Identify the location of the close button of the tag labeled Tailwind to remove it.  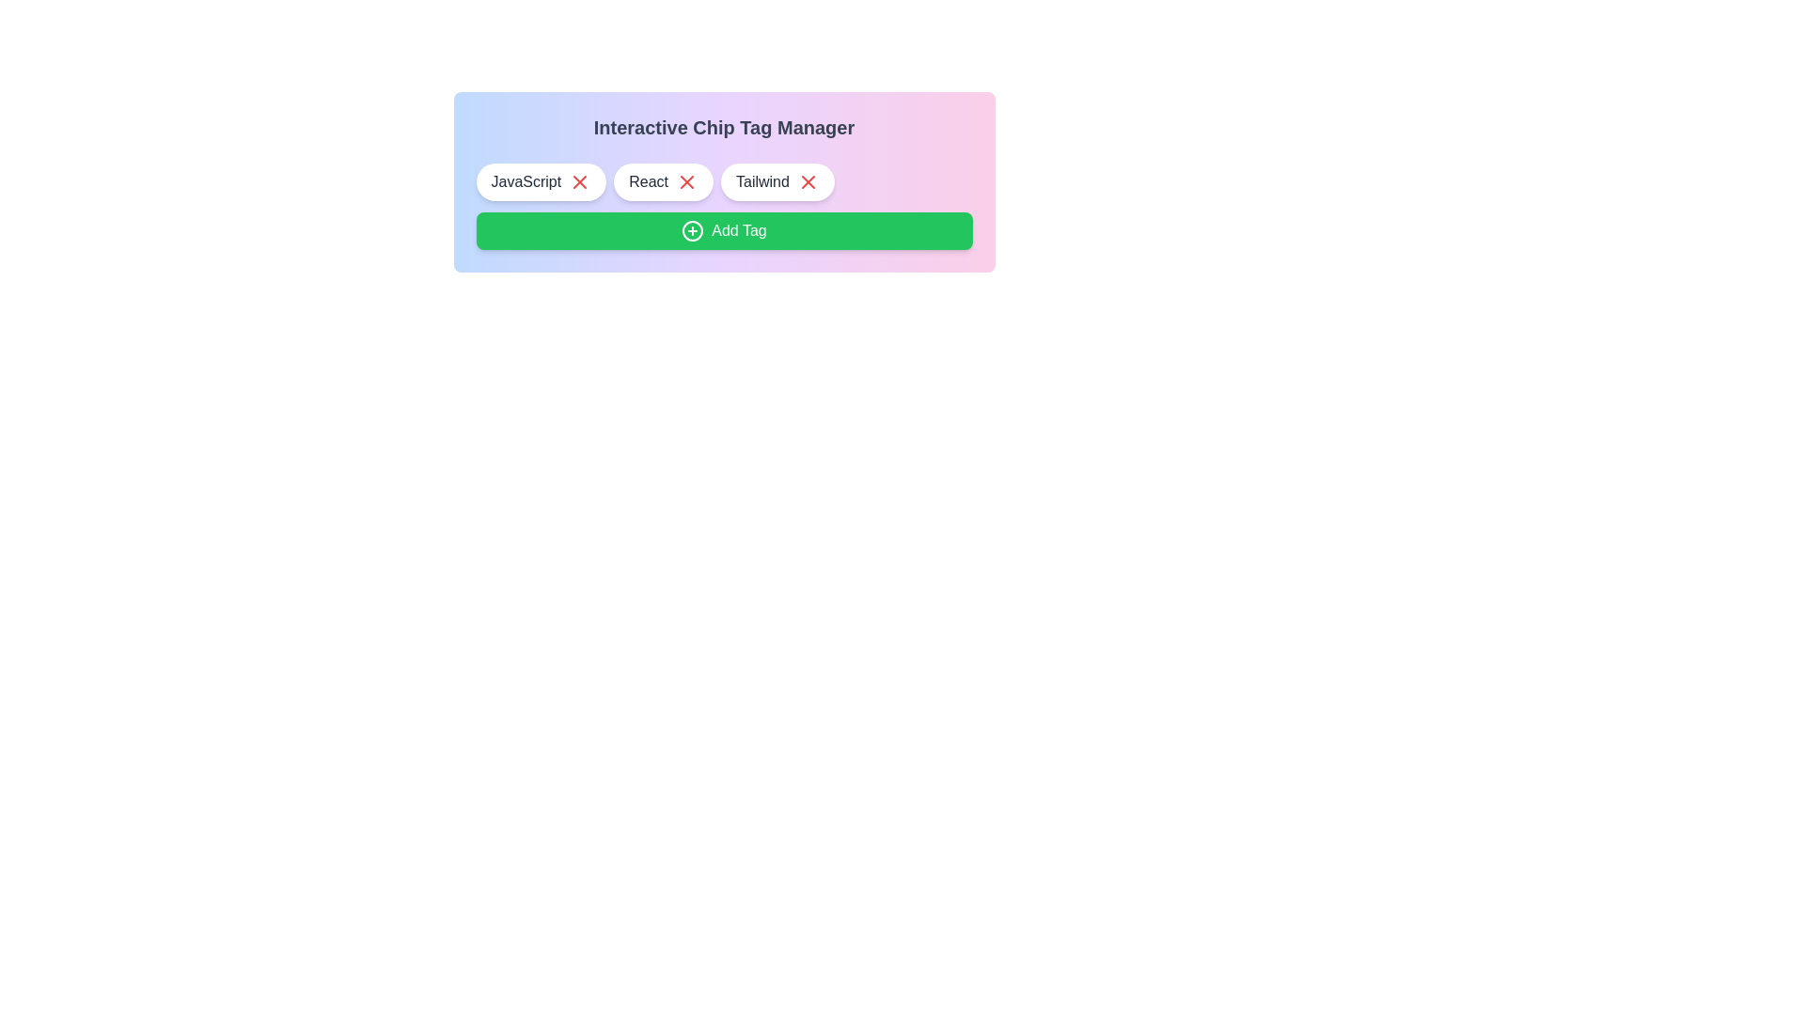
(808, 181).